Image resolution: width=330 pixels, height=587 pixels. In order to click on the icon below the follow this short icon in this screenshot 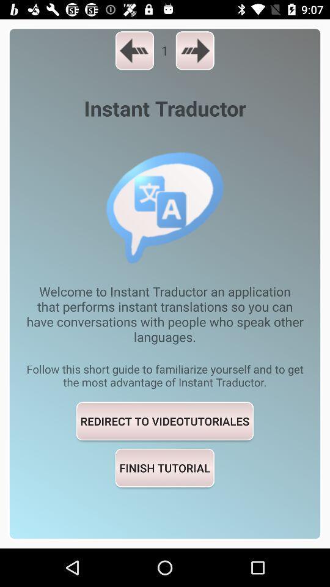, I will do `click(165, 421)`.